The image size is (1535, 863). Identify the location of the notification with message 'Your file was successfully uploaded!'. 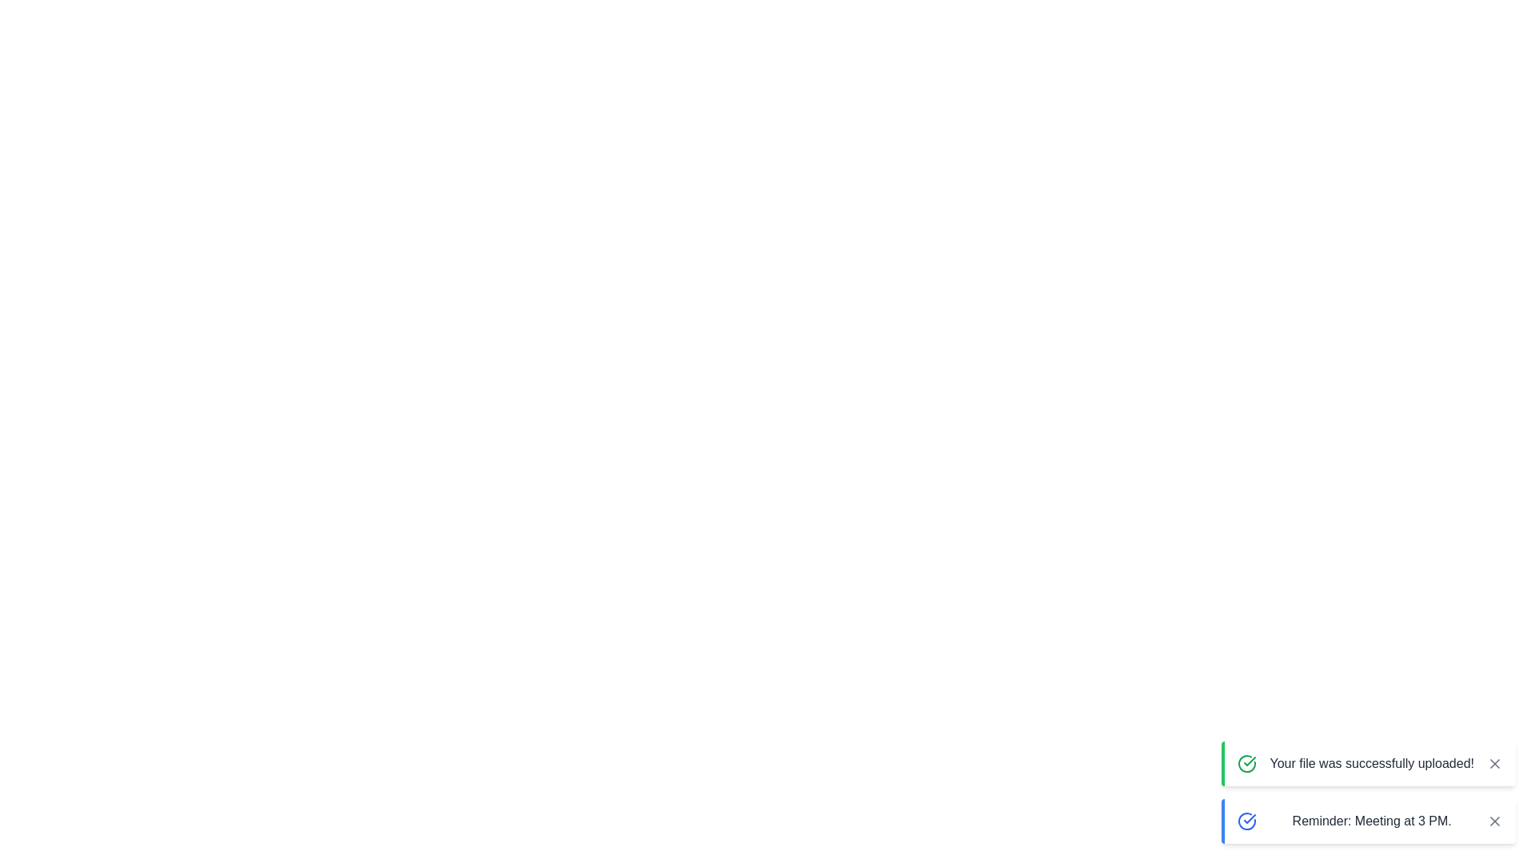
(1368, 763).